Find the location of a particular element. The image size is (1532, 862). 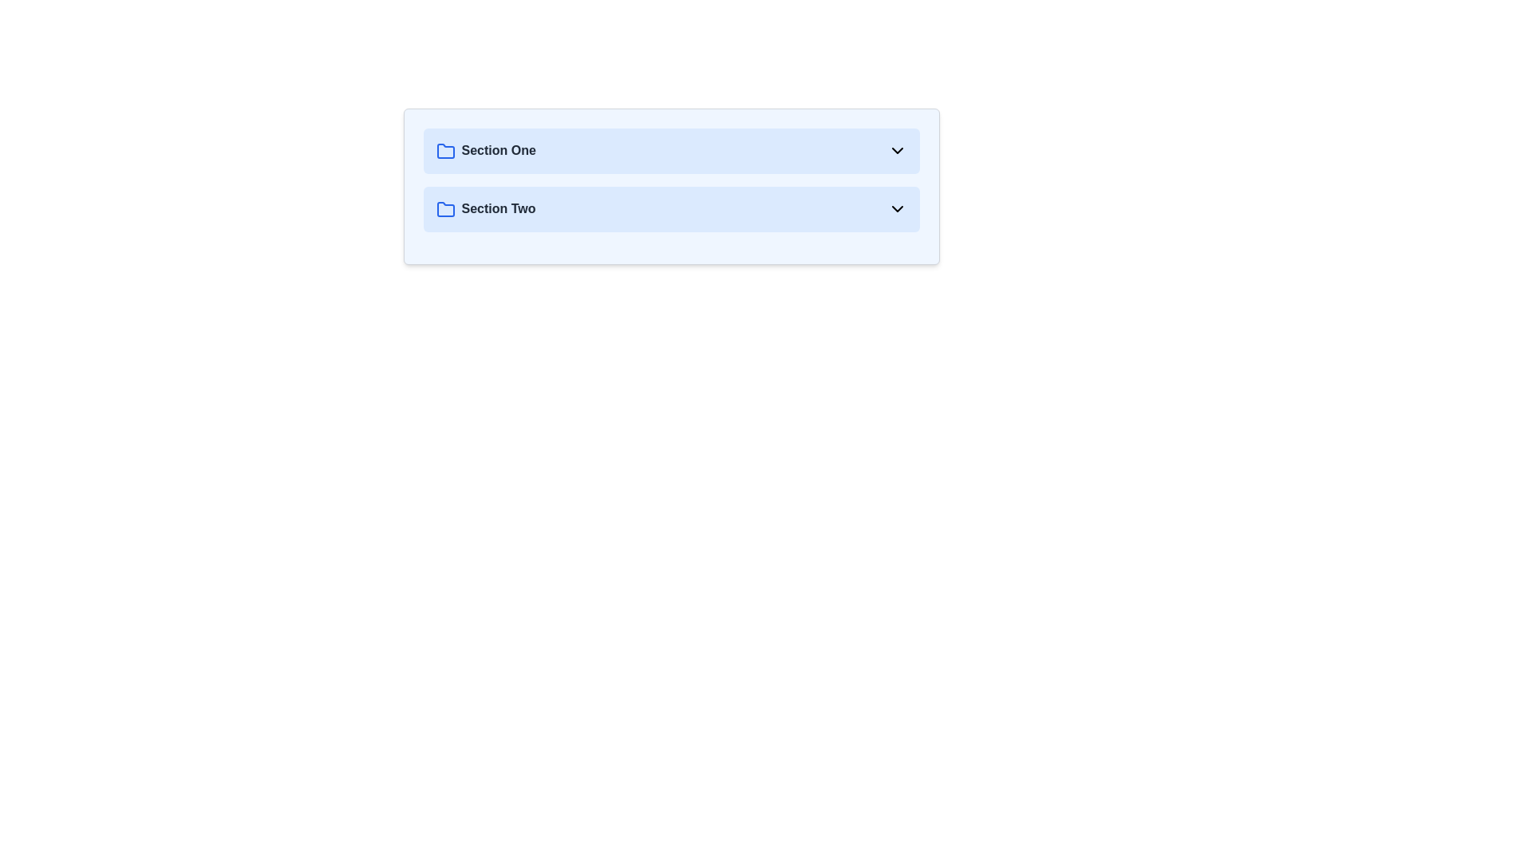

the small black triangular dropdown indicator icon located at the far right of the 'Section Two' collapsible item is located at coordinates (897, 208).